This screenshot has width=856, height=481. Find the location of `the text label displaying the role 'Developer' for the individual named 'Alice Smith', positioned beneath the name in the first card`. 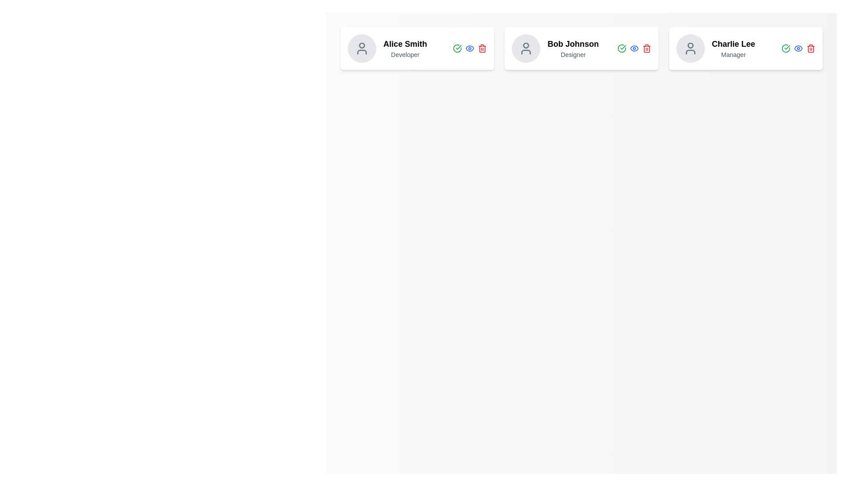

the text label displaying the role 'Developer' for the individual named 'Alice Smith', positioned beneath the name in the first card is located at coordinates (404, 55).